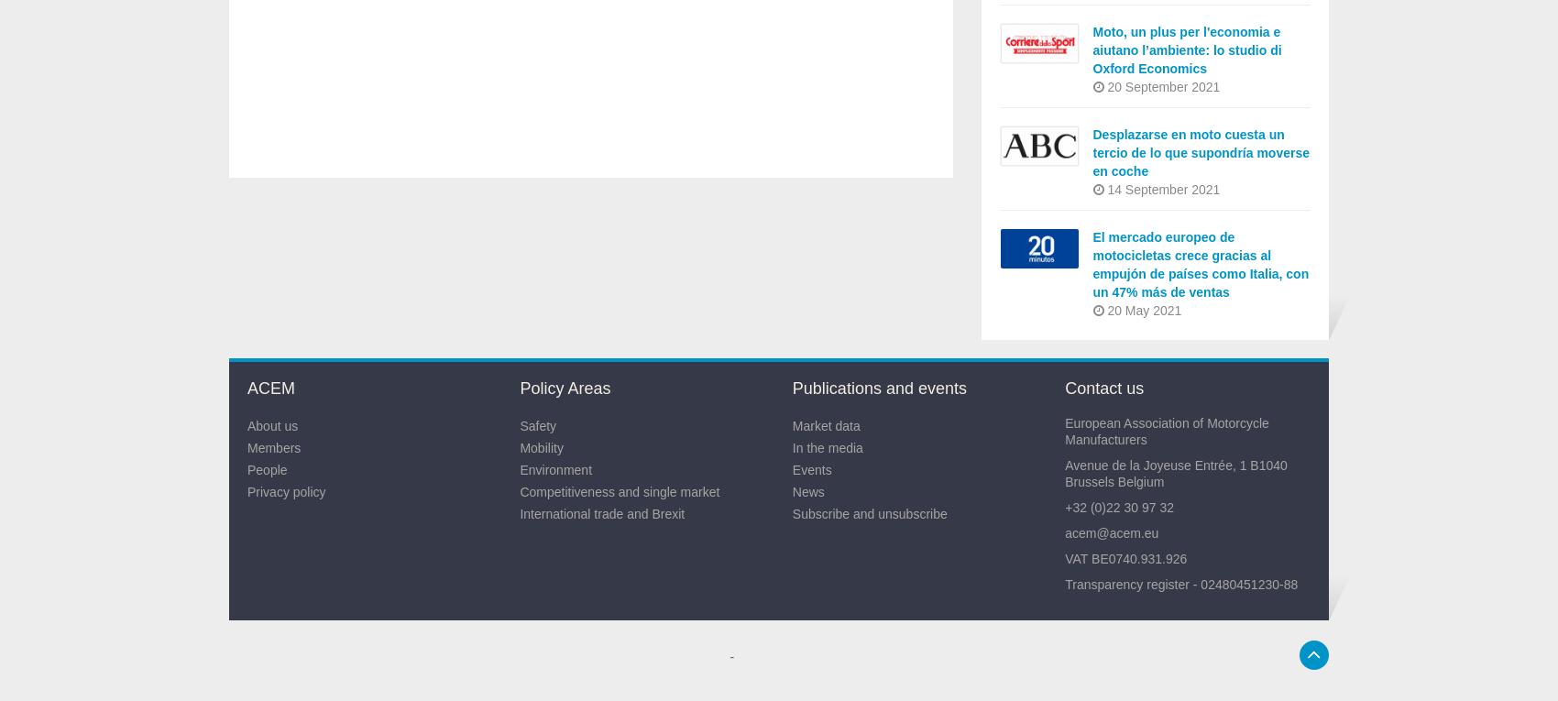  I want to click on 'Members', so click(274, 447).